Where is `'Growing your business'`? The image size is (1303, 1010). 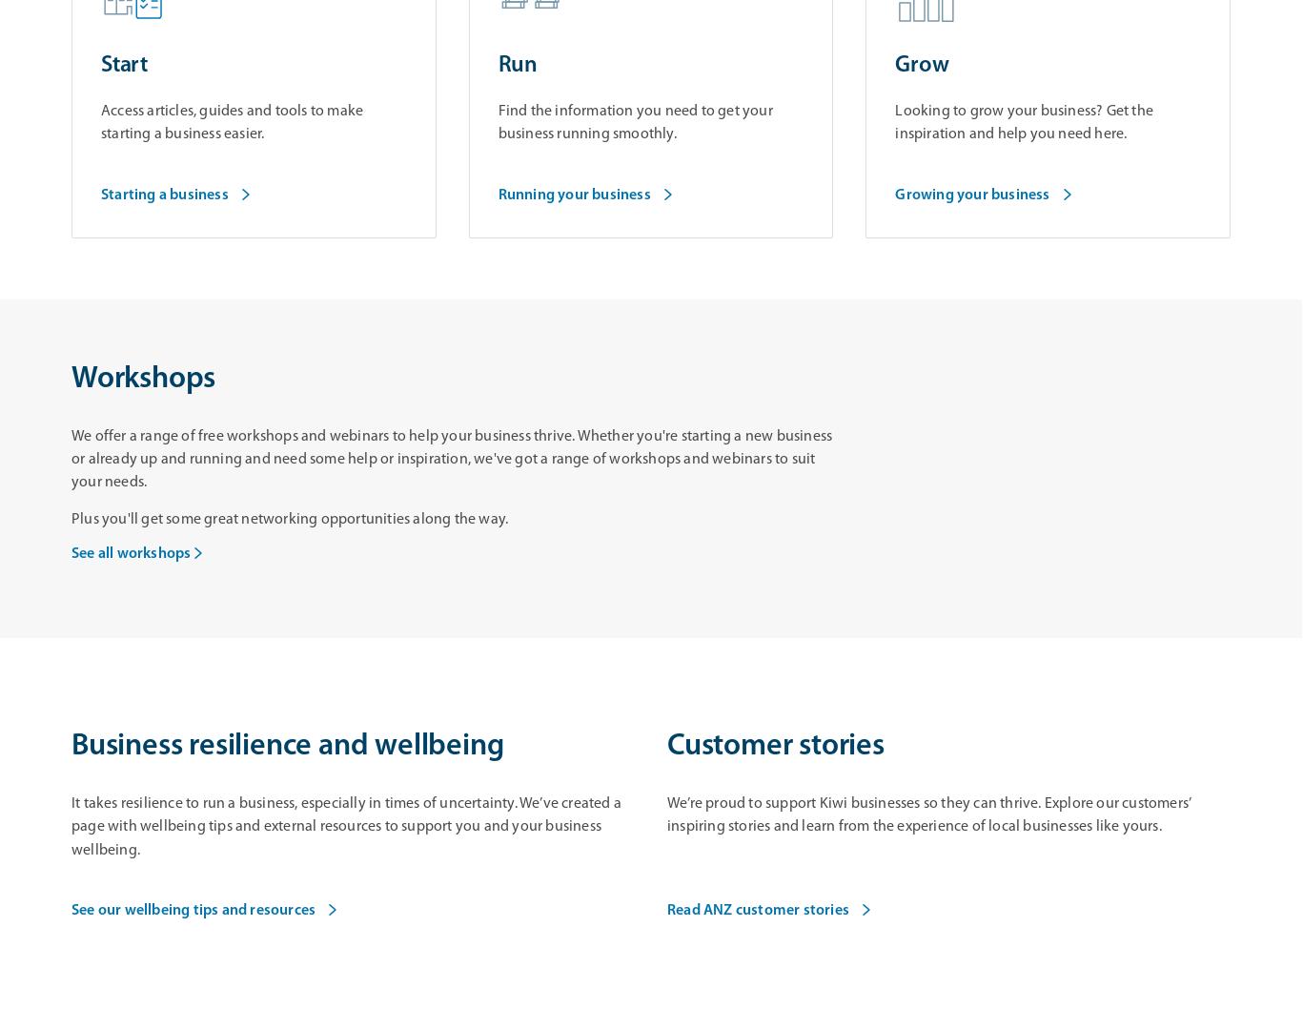
'Growing your business' is located at coordinates (894, 195).